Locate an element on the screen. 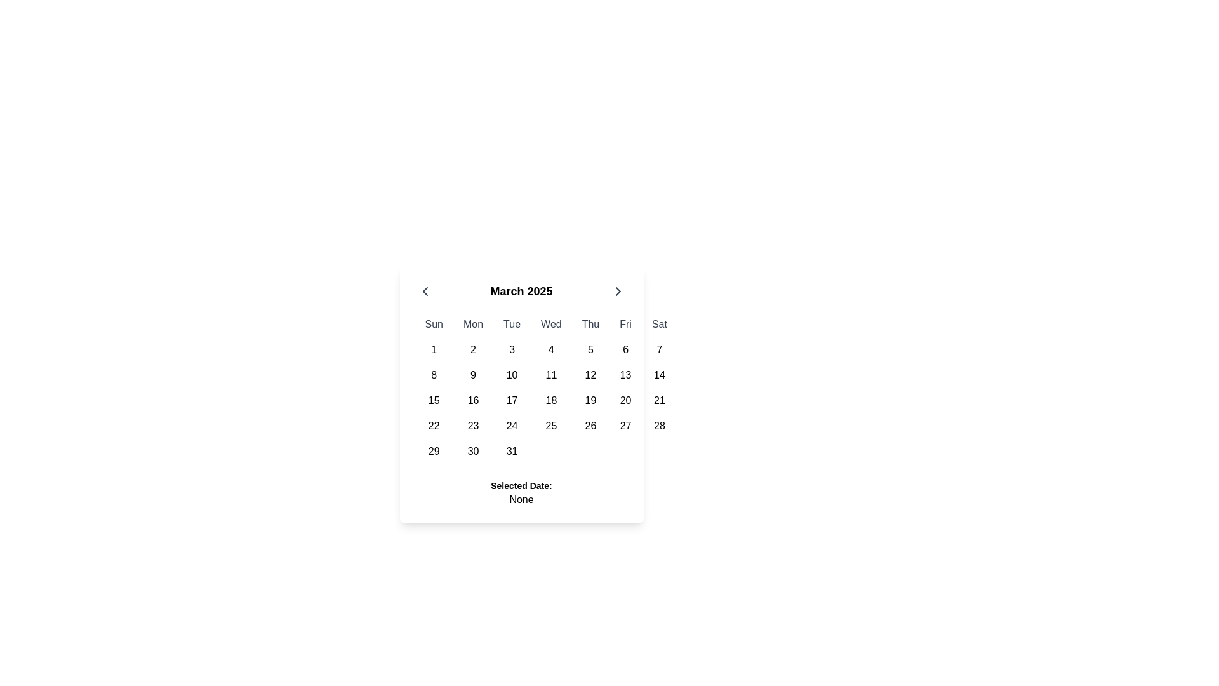 The height and width of the screenshot is (686, 1219). the text label displaying 'Selected Date:', which is styled in bold black font and located above the 'None' text element is located at coordinates (521, 485).